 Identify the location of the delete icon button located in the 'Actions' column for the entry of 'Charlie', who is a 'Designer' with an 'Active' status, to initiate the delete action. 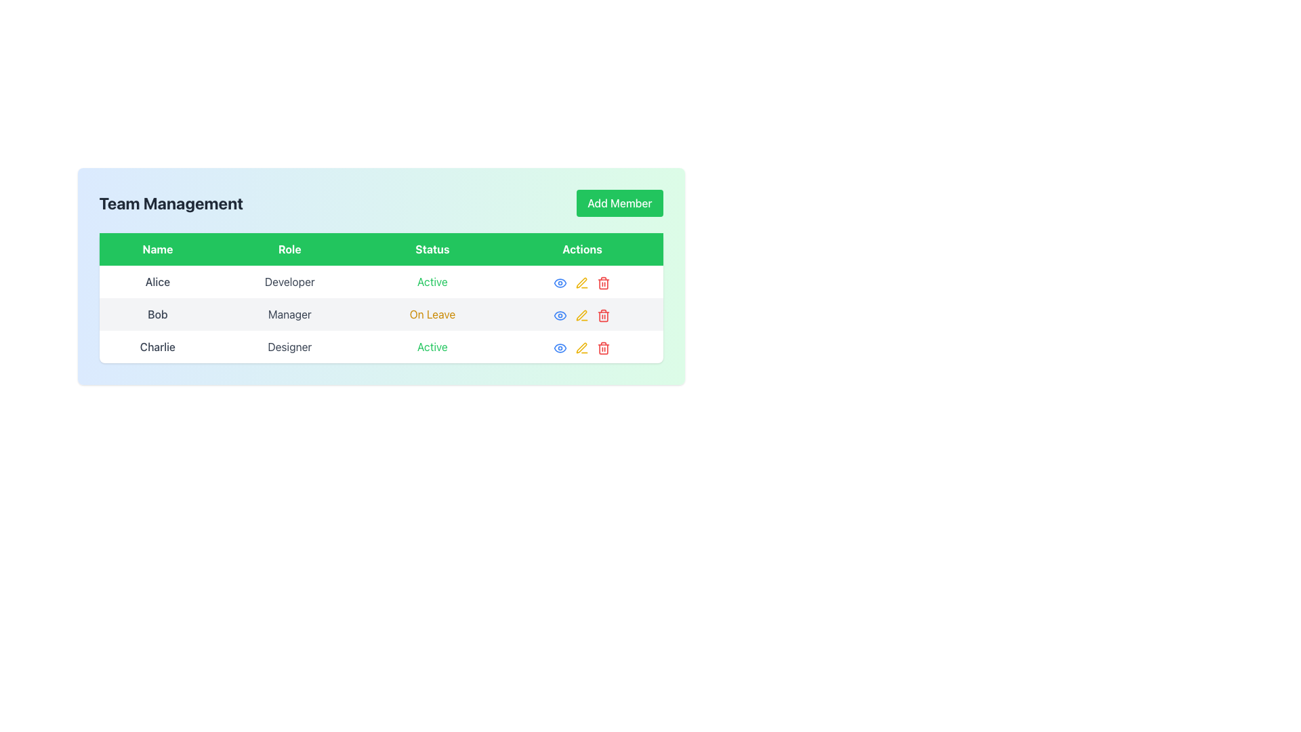
(603, 347).